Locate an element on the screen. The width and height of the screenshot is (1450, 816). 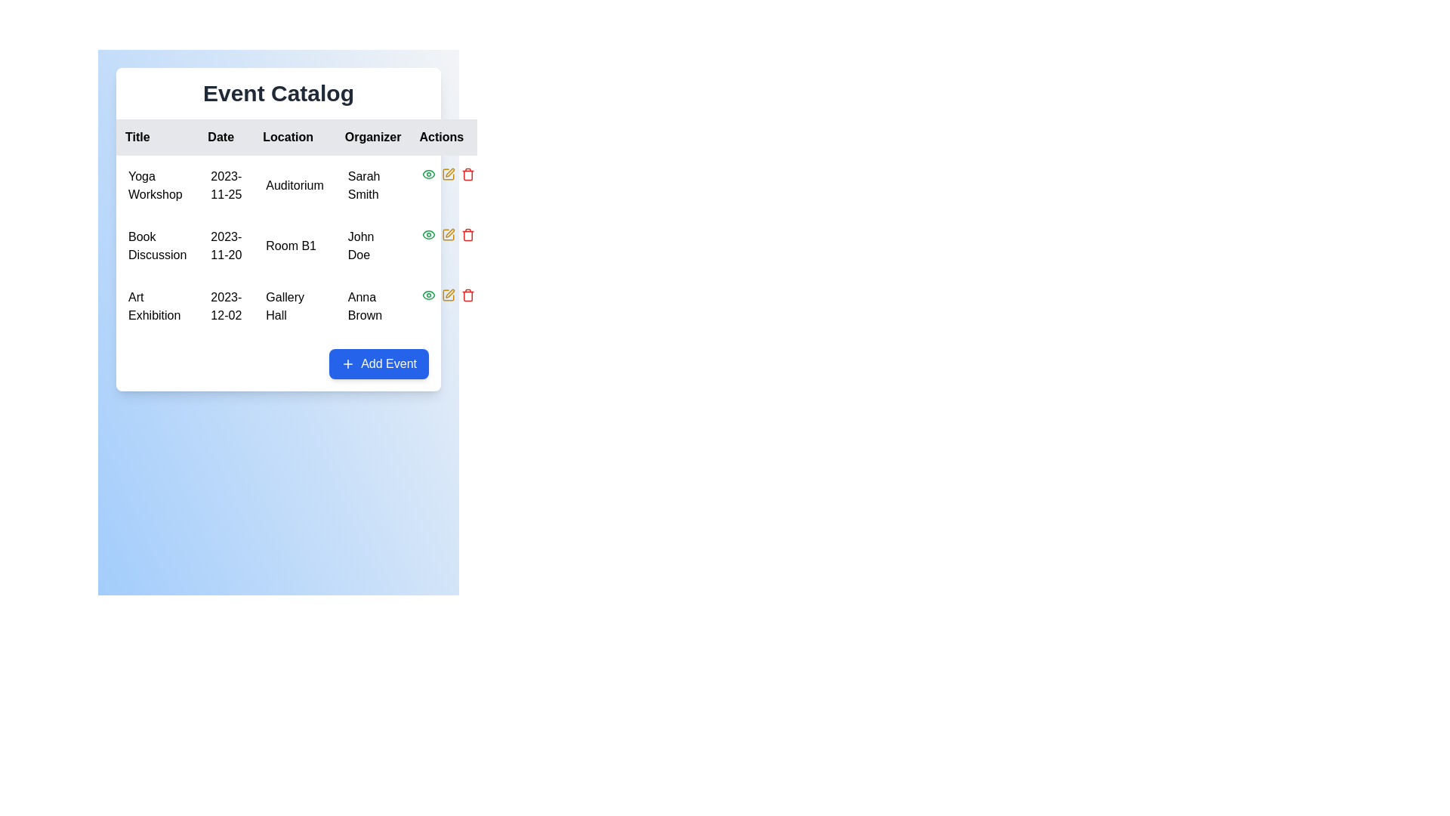
the red trash icon button in the 'Actions' column of the second row is located at coordinates (467, 235).